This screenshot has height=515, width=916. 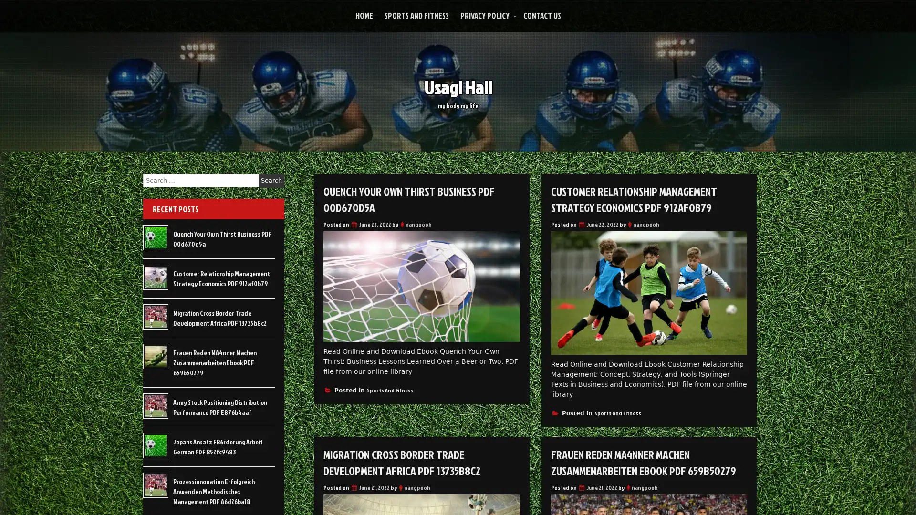 I want to click on Search, so click(x=271, y=180).